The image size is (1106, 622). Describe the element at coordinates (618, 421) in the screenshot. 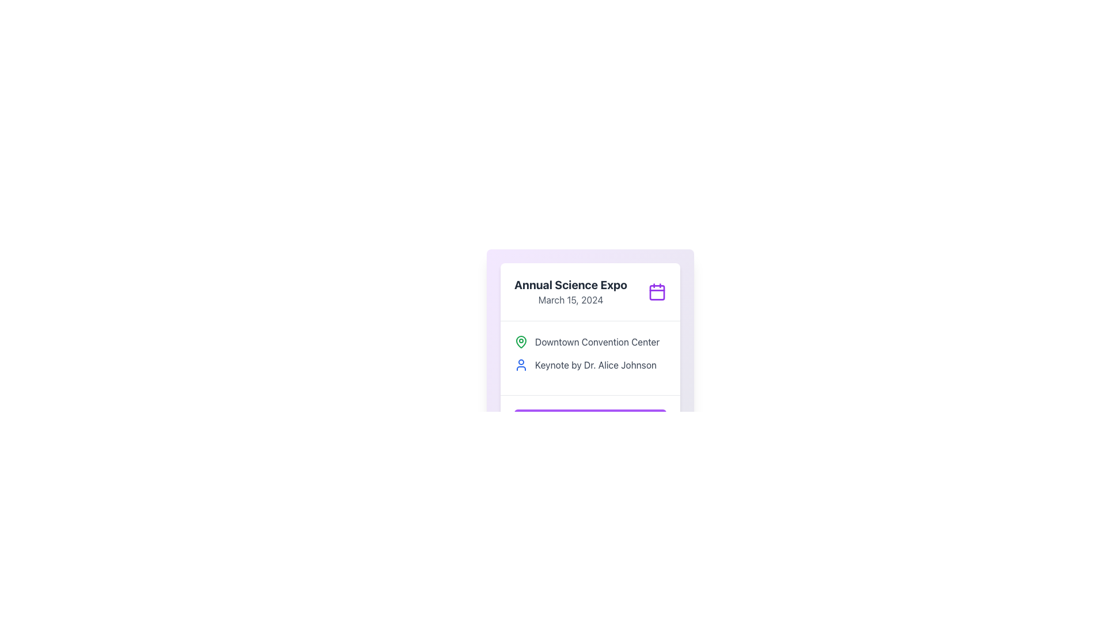

I see `the SVG circle element, which is a circular graphical component with a stroke outline, located at the bottom area of a card-like UI component` at that location.